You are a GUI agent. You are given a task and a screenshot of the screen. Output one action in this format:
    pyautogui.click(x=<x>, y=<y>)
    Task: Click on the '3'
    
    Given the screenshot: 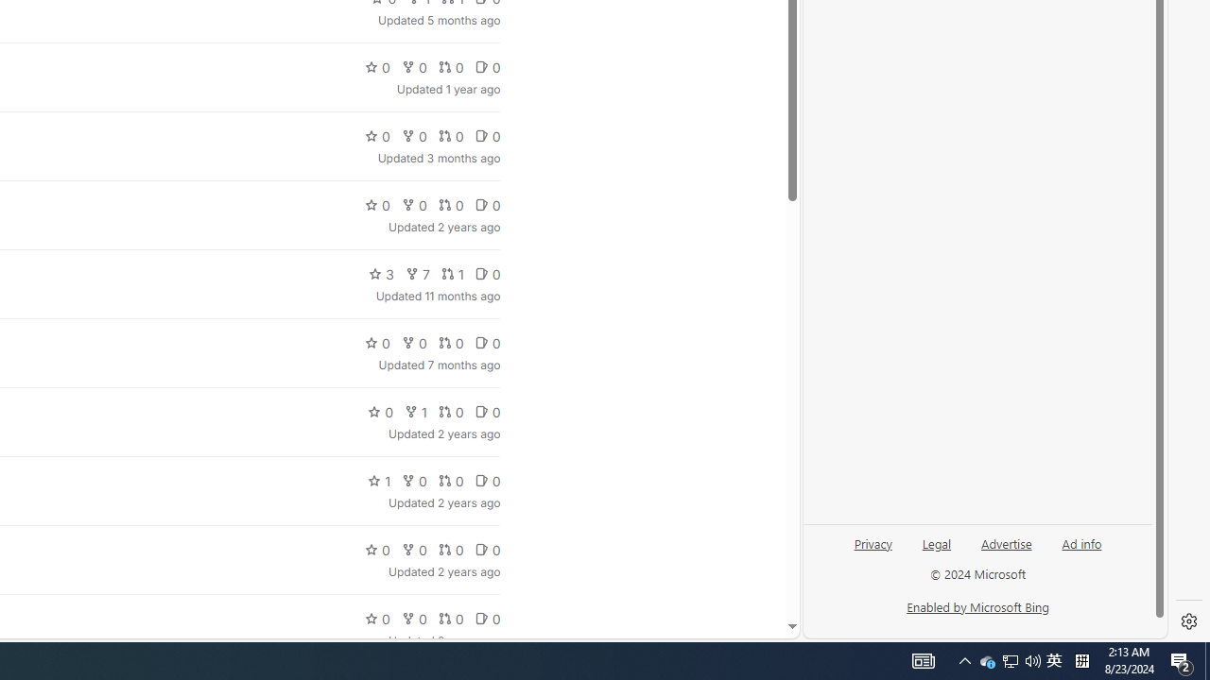 What is the action you would take?
    pyautogui.click(x=380, y=274)
    